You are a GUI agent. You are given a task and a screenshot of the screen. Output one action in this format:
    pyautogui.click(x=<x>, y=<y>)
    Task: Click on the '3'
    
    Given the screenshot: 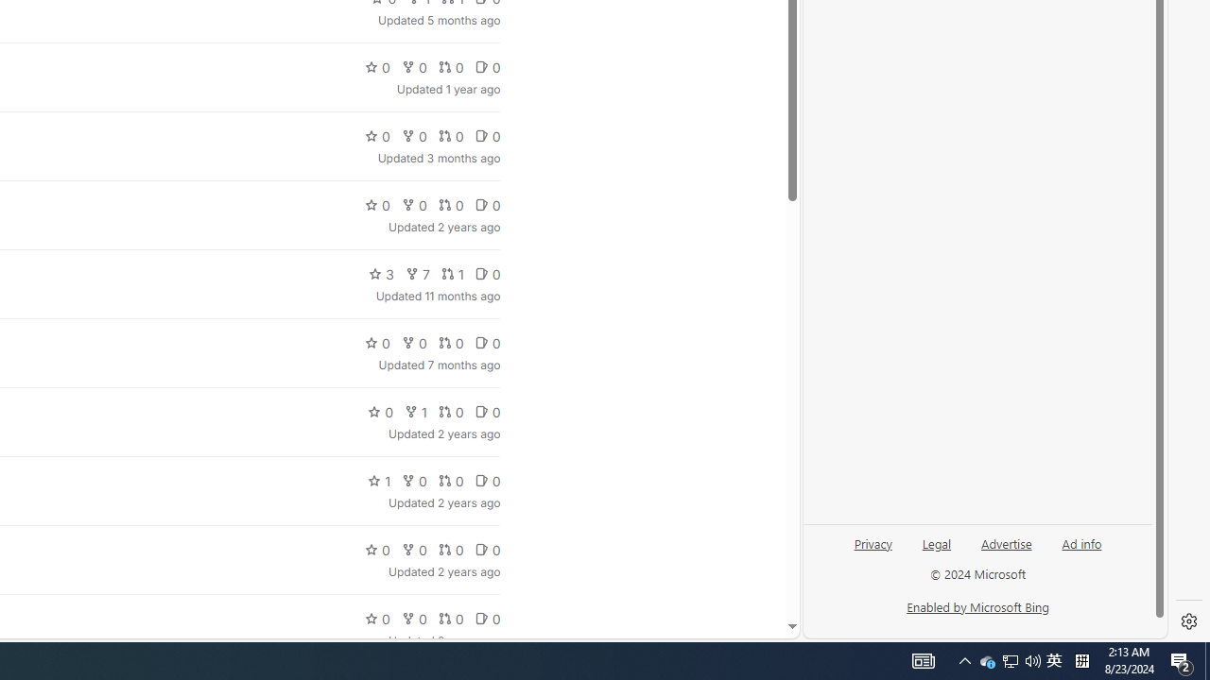 What is the action you would take?
    pyautogui.click(x=380, y=274)
    